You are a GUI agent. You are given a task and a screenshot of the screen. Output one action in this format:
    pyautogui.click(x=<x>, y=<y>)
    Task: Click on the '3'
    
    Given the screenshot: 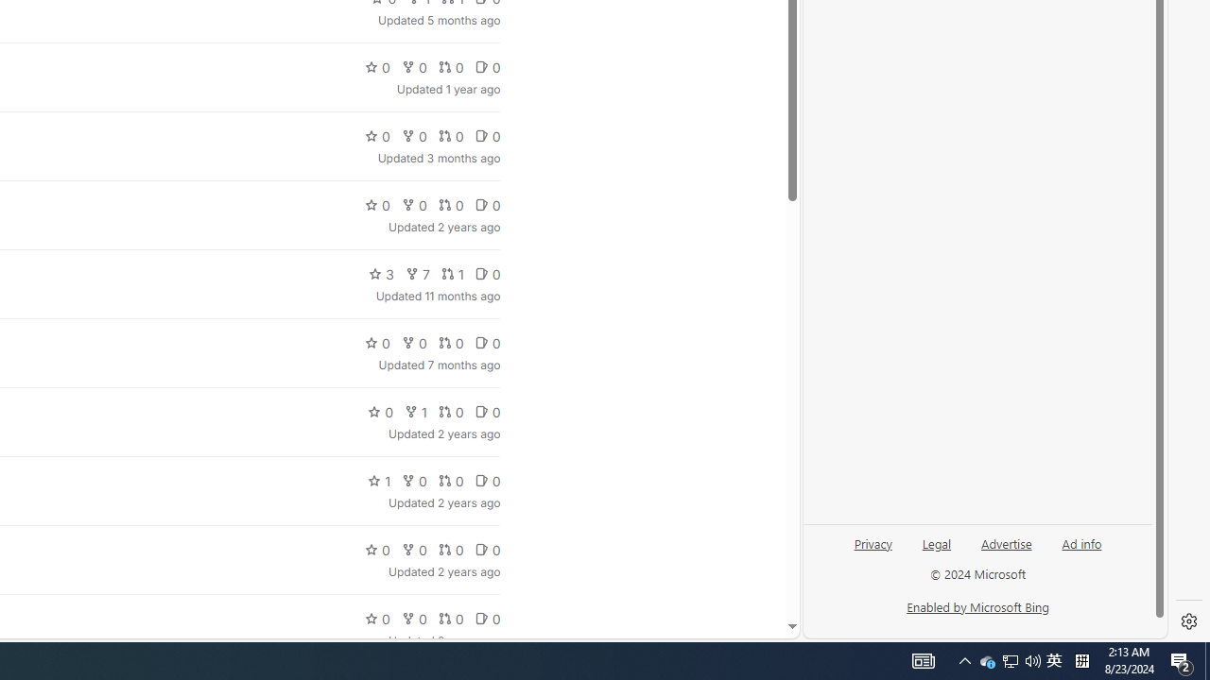 What is the action you would take?
    pyautogui.click(x=380, y=274)
    